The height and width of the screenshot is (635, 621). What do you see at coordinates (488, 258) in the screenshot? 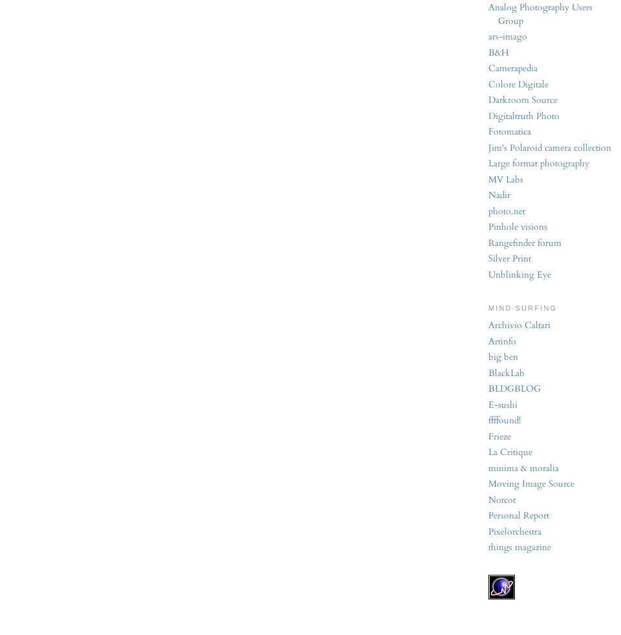
I see `'Silver Print'` at bounding box center [488, 258].